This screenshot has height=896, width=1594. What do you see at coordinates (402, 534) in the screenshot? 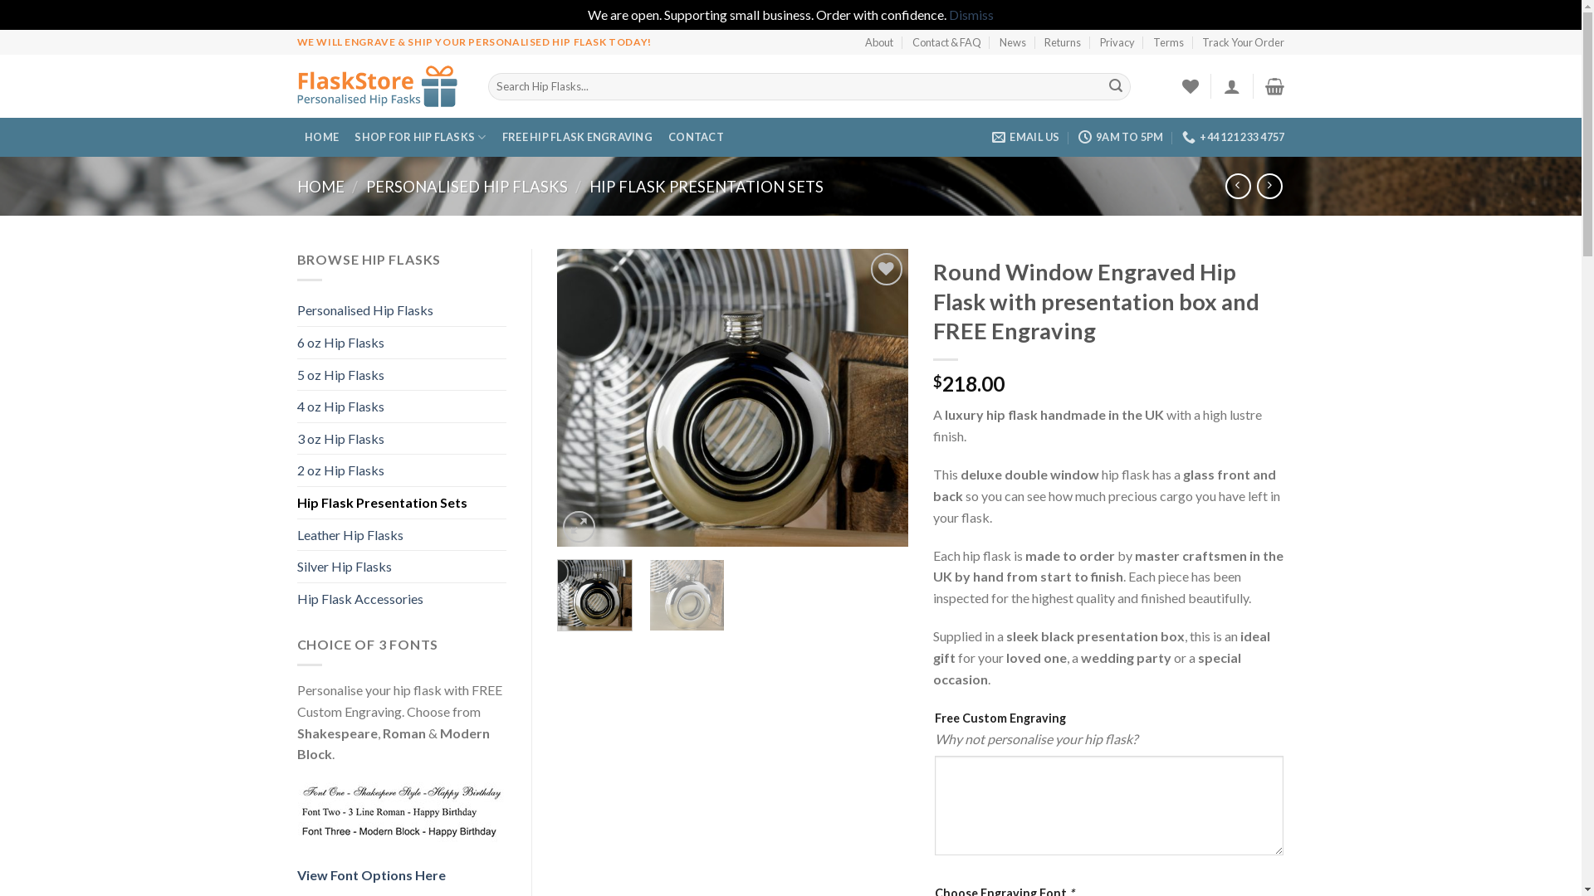
I see `'Leather Hip Flasks'` at bounding box center [402, 534].